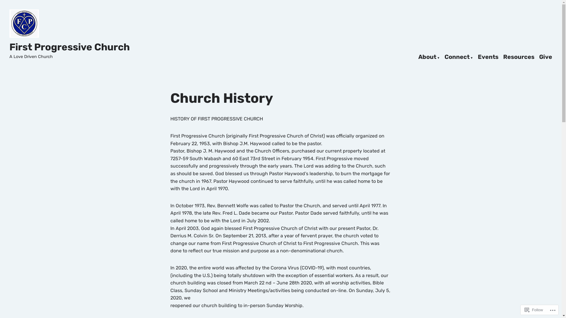  Describe the element at coordinates (519, 57) in the screenshot. I see `'Resources'` at that location.